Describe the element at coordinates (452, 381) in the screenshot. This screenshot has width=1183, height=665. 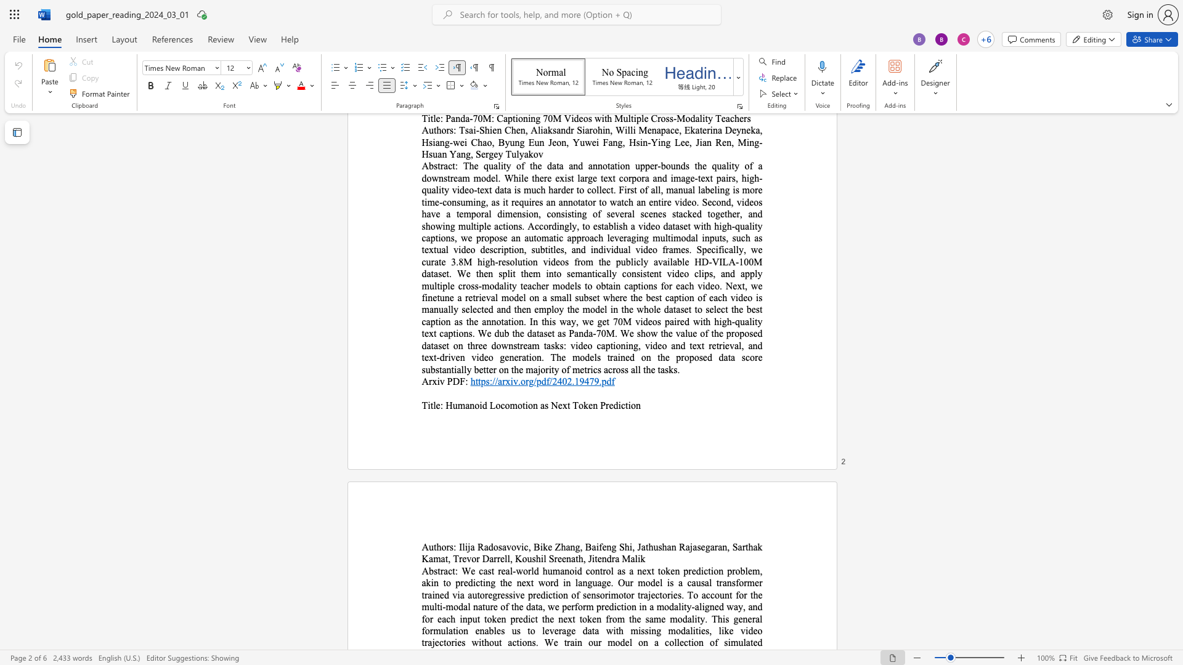
I see `the space between the continuous character "P" and "D" in the text` at that location.